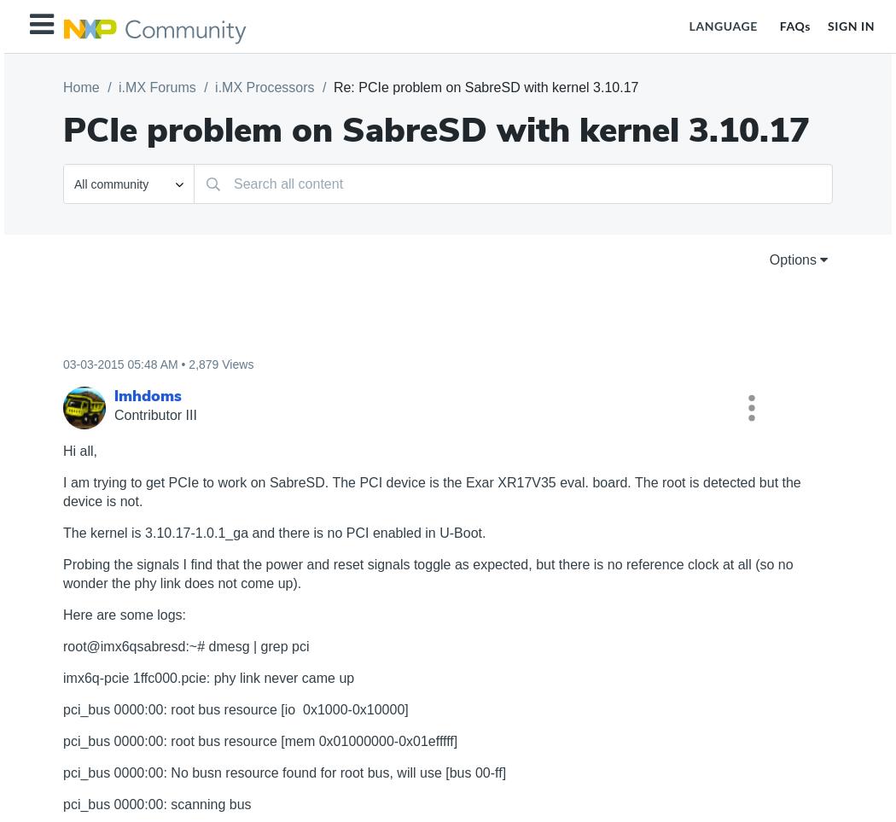  Describe the element at coordinates (156, 86) in the screenshot. I see `'i.MX Forums'` at that location.